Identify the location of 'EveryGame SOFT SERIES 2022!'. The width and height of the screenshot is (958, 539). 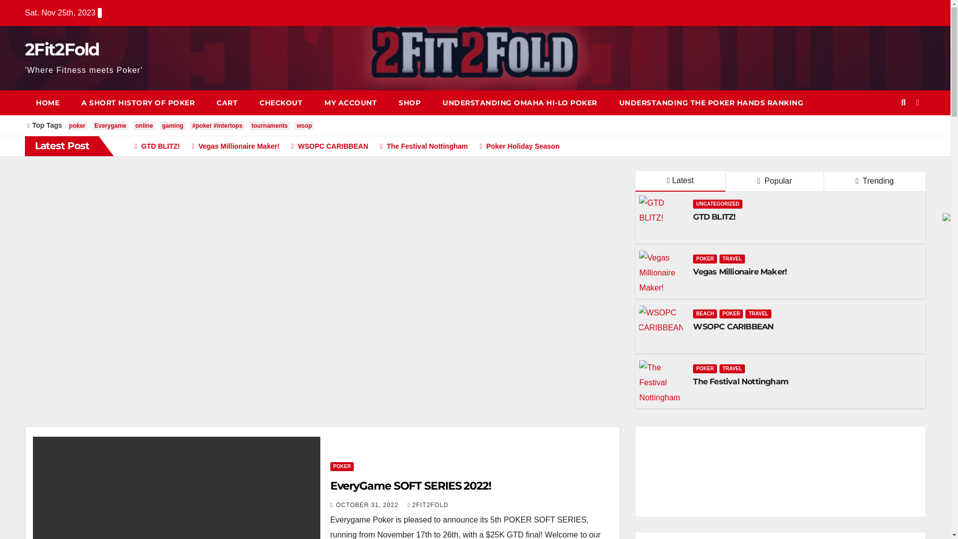
(410, 485).